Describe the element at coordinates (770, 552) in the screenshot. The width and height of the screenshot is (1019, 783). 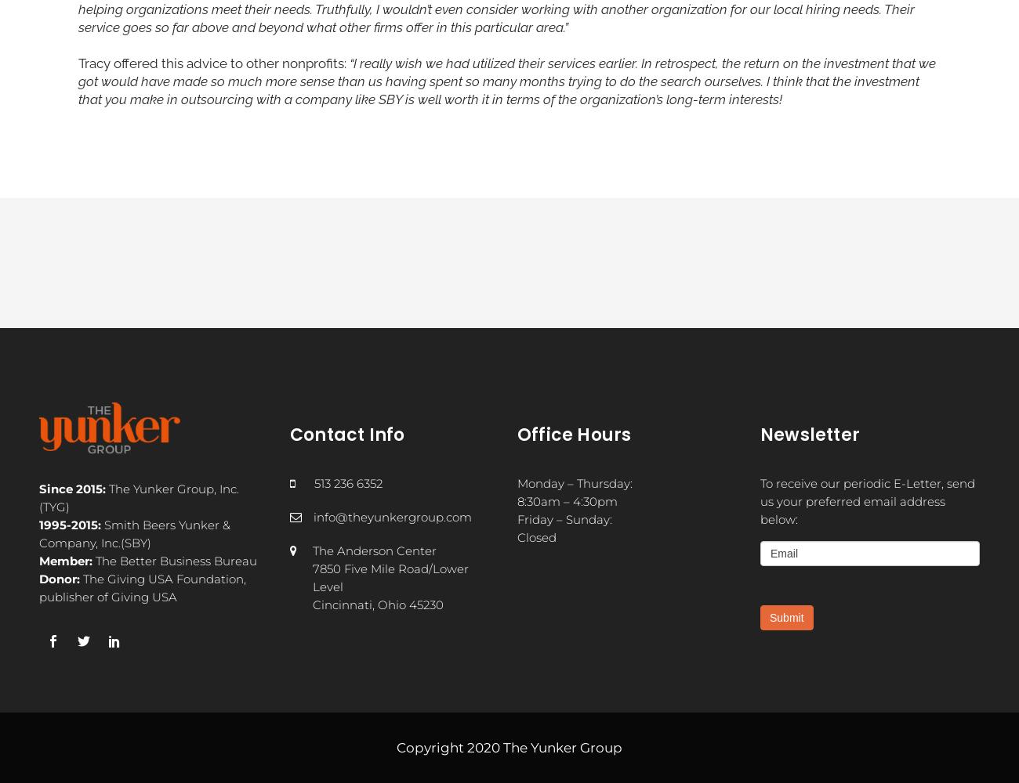
I see `'Email'` at that location.